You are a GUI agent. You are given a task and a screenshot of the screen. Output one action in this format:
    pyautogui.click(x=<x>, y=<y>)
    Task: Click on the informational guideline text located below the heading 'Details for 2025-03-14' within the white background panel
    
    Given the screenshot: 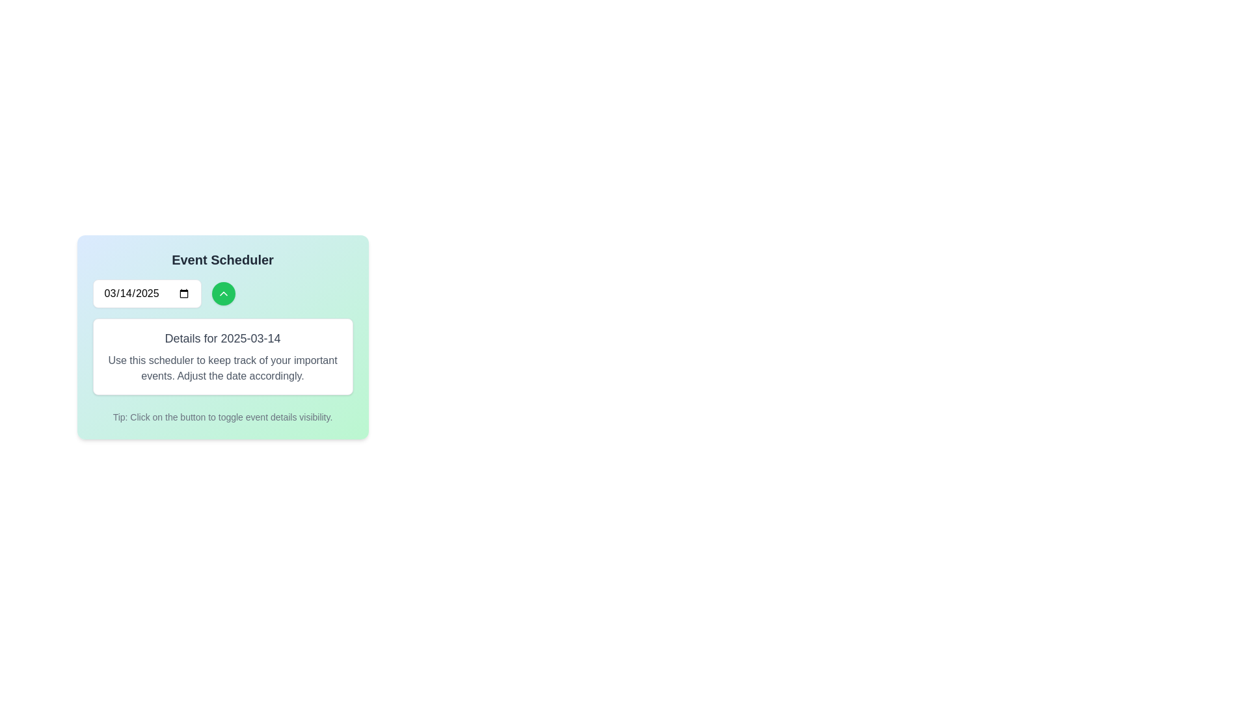 What is the action you would take?
    pyautogui.click(x=222, y=369)
    